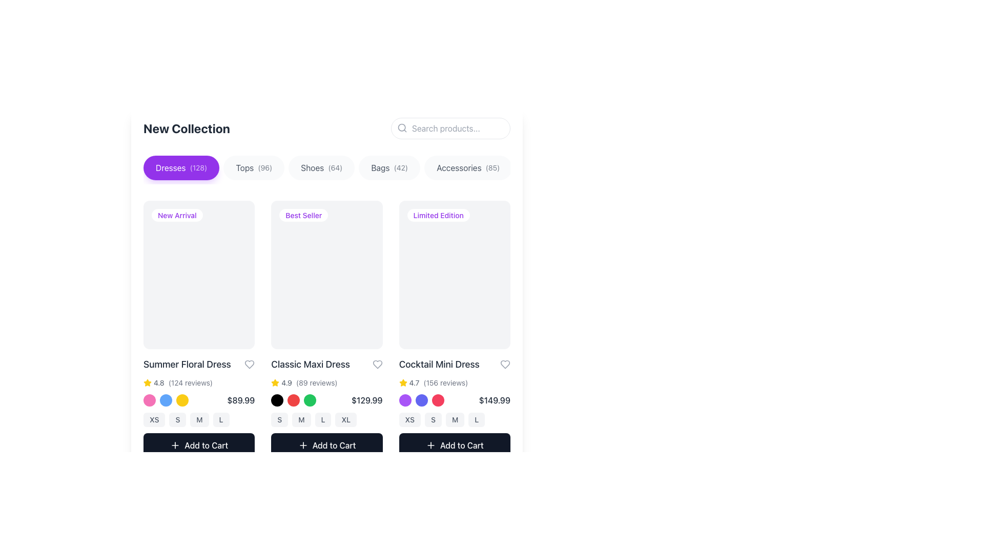 Image resolution: width=984 pixels, height=553 pixels. What do you see at coordinates (430, 444) in the screenshot?
I see `the '+' icon within the 'Add to Cart' button, which is the rightmost button in the row of buttons beneath the item cards` at bounding box center [430, 444].